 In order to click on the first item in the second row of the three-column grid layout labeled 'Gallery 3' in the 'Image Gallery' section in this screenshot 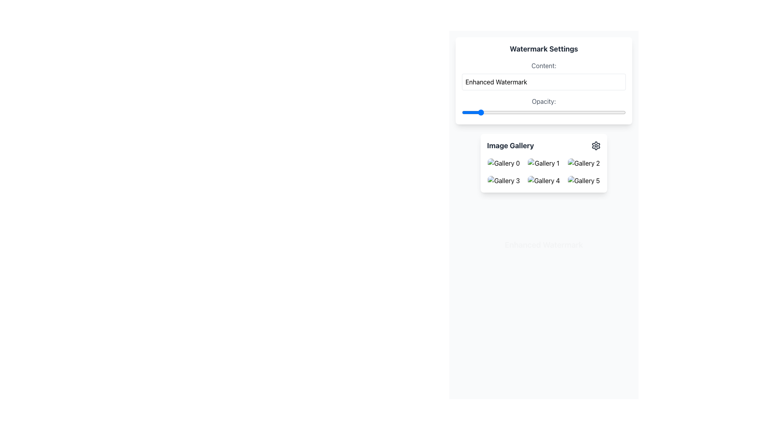, I will do `click(503, 180)`.